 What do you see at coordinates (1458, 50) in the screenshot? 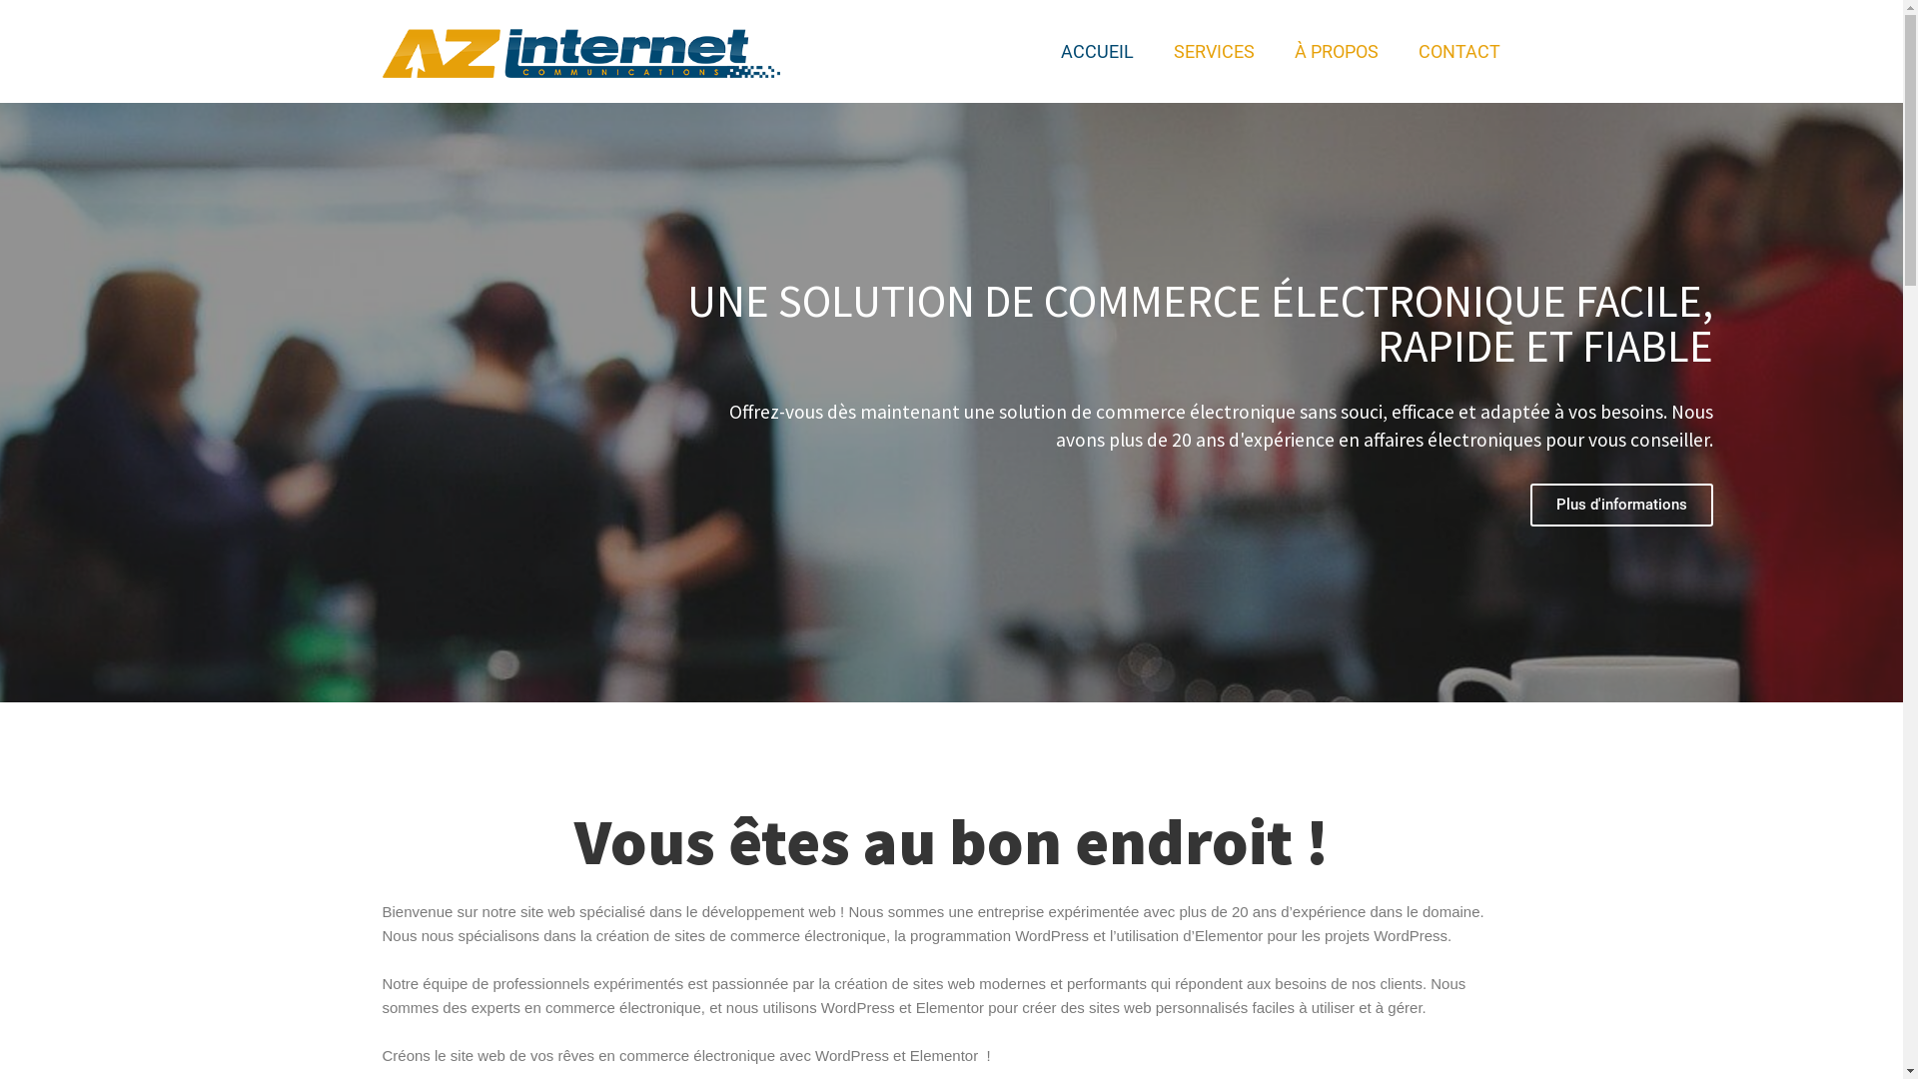
I see `'CONTACT'` at bounding box center [1458, 50].